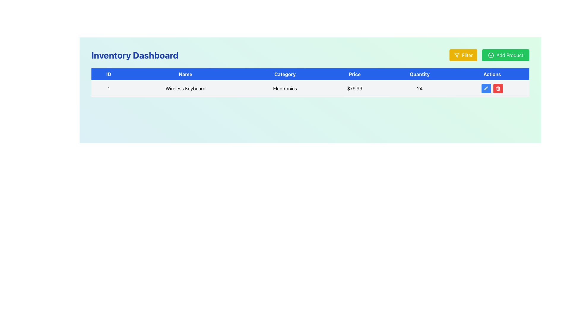 Image resolution: width=570 pixels, height=321 pixels. I want to click on the header label for the column, which is the third item in a row of six sibling elements in the header bar of the table, located between 'Name' and 'Price', so click(285, 74).